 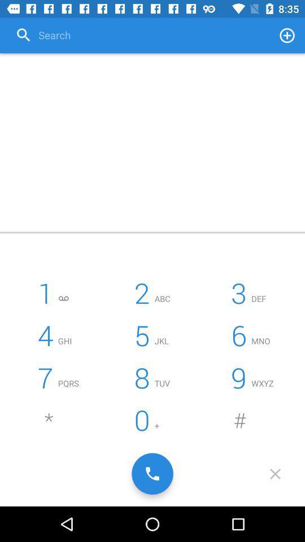 I want to click on the call icon, so click(x=152, y=474).